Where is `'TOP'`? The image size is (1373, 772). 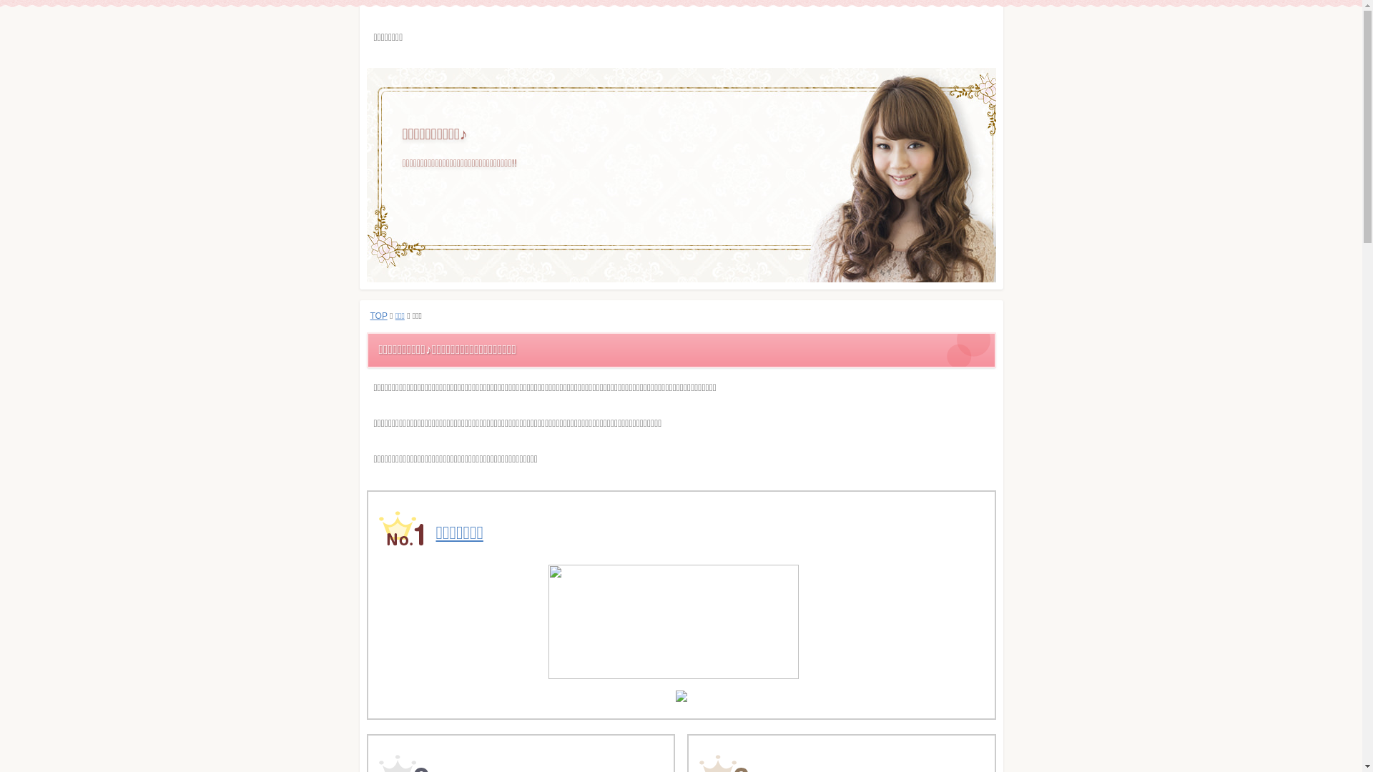 'TOP' is located at coordinates (370, 315).